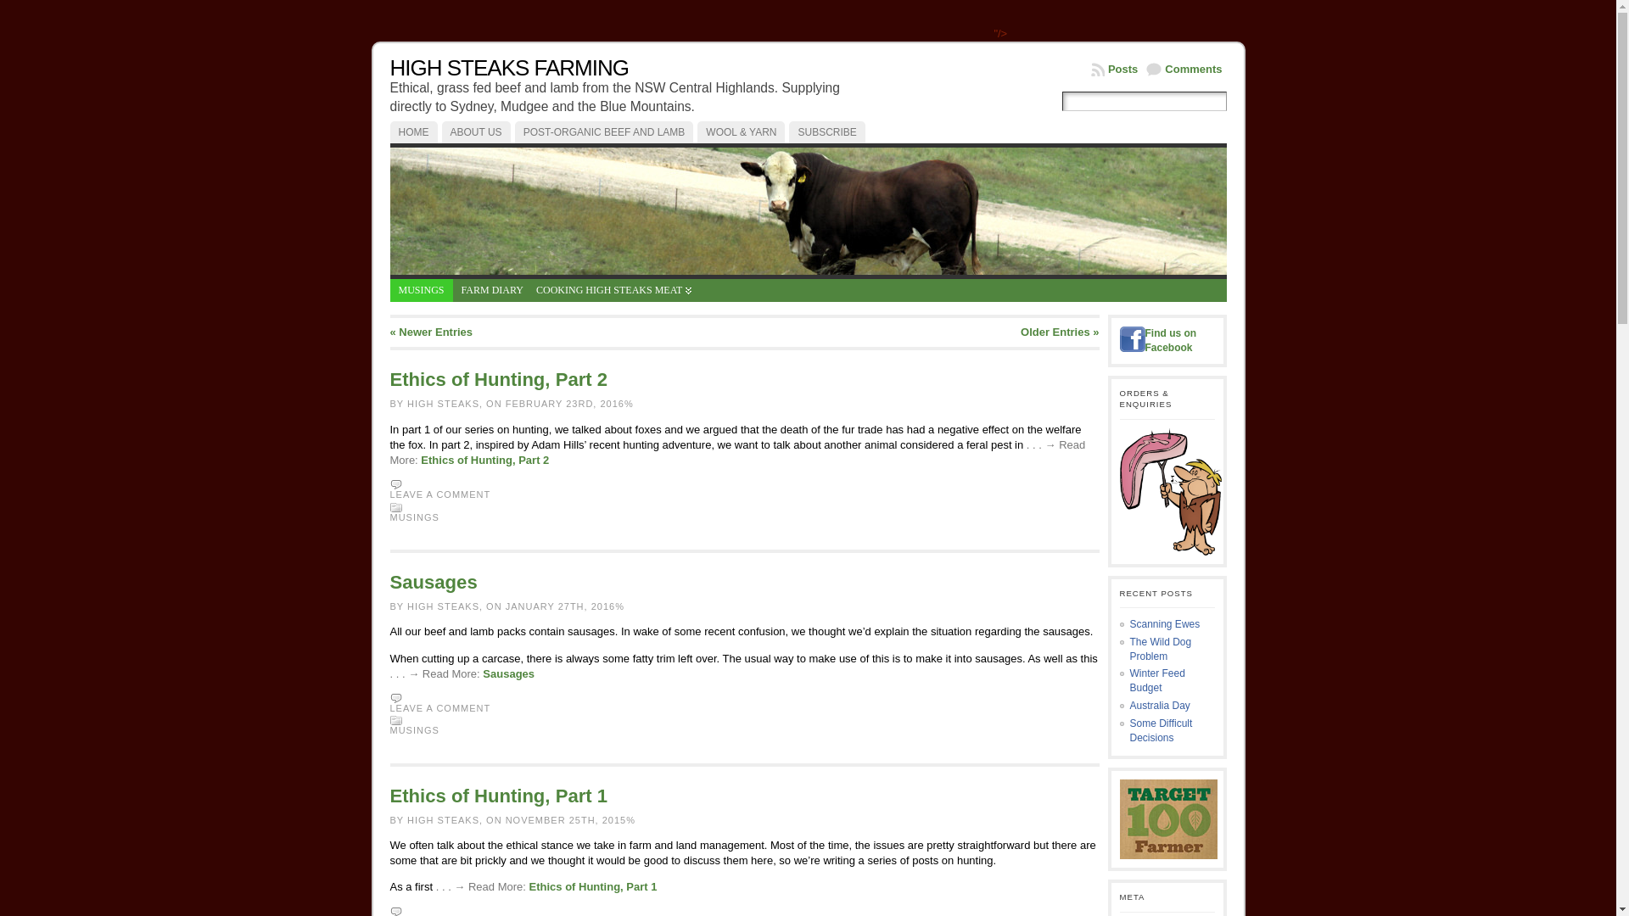 The width and height of the screenshot is (1629, 916). Describe the element at coordinates (414, 131) in the screenshot. I see `'HOME'` at that location.